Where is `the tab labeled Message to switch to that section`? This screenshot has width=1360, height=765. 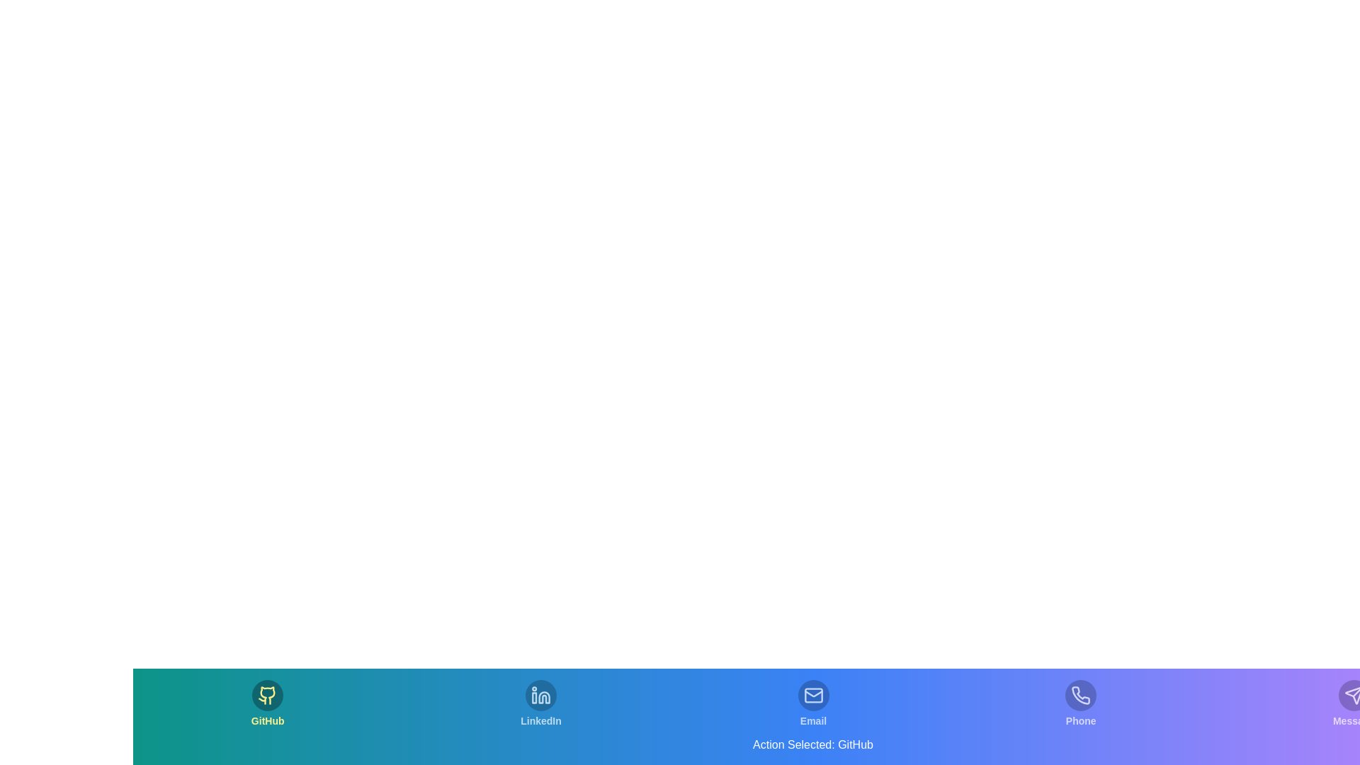 the tab labeled Message to switch to that section is located at coordinates (1353, 704).